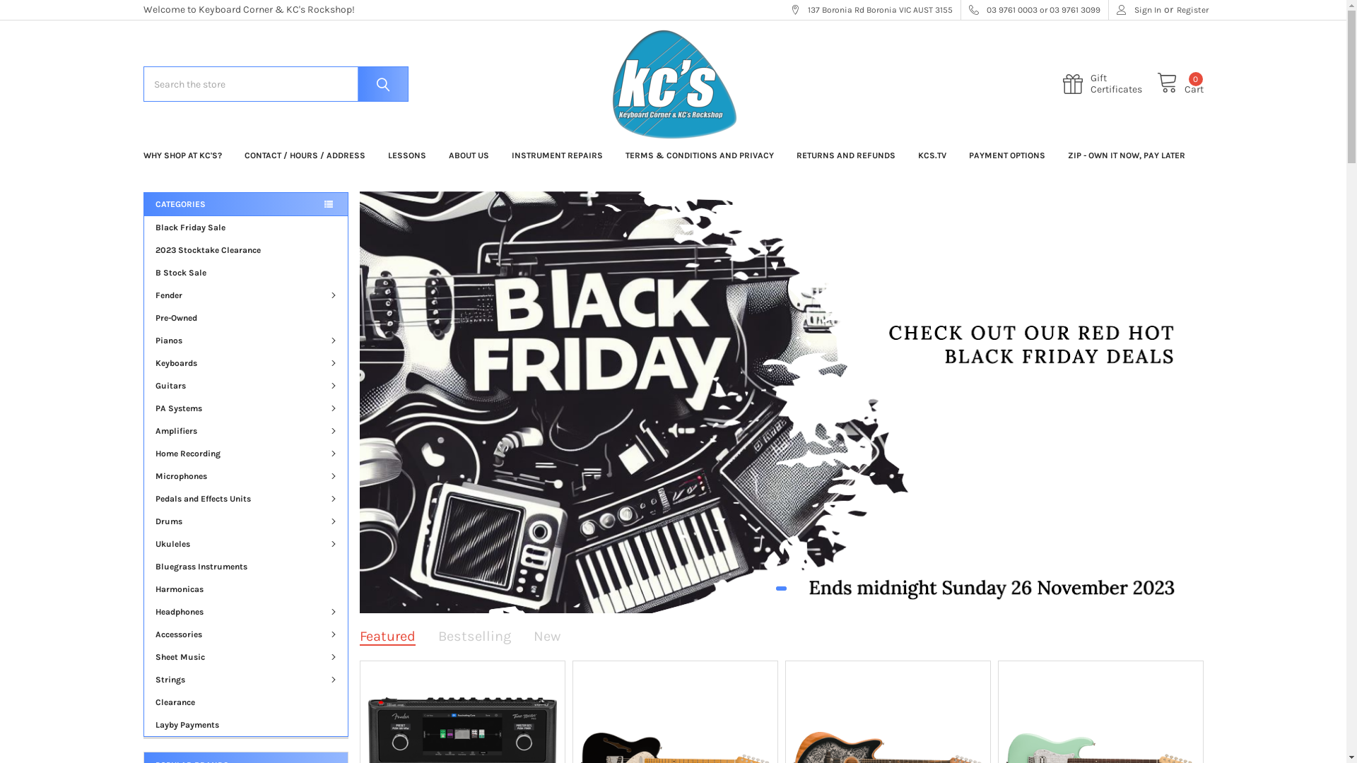 The image size is (1357, 763). Describe the element at coordinates (613, 155) in the screenshot. I see `'TERMS & CONDITIONS AND PRIVACY'` at that location.